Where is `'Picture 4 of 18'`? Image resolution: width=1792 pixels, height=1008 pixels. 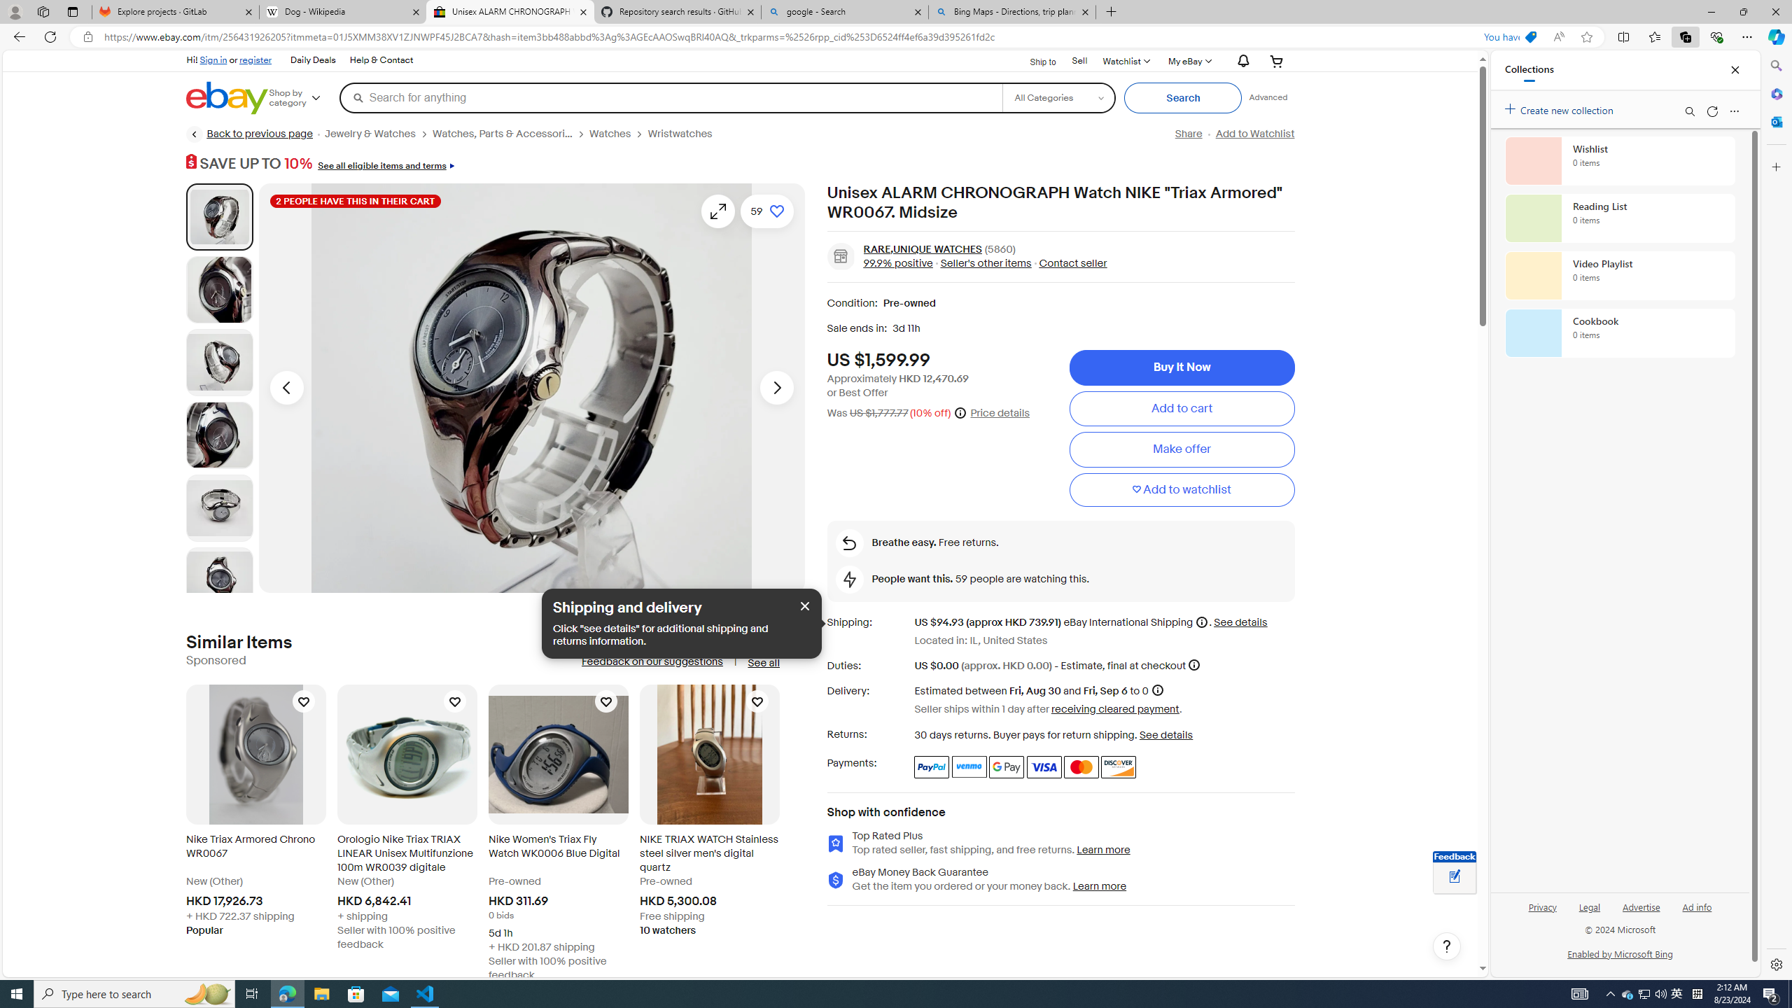 'Picture 4 of 18' is located at coordinates (219, 435).